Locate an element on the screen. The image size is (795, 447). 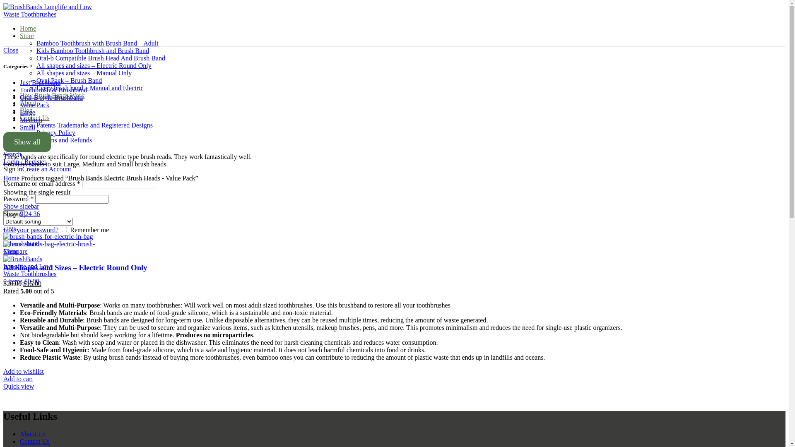
'Login / Register' is located at coordinates (24, 161).